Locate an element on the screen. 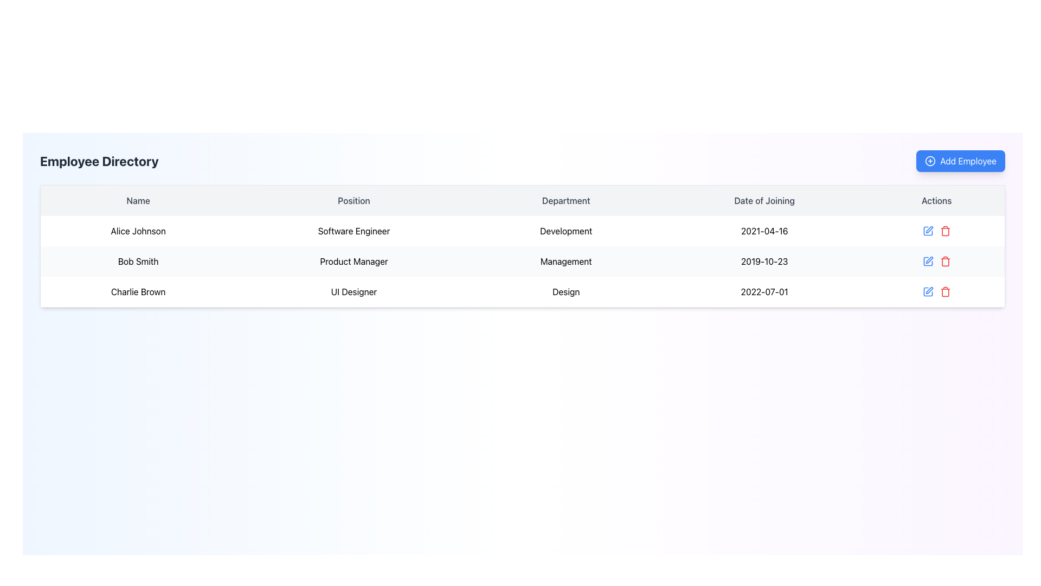 This screenshot has height=586, width=1041. the SVG graphic component resembling a hollow square with rounded edges, located in the bottom row of the 'Actions' column for 'Charlie Brown' is located at coordinates (927, 291).